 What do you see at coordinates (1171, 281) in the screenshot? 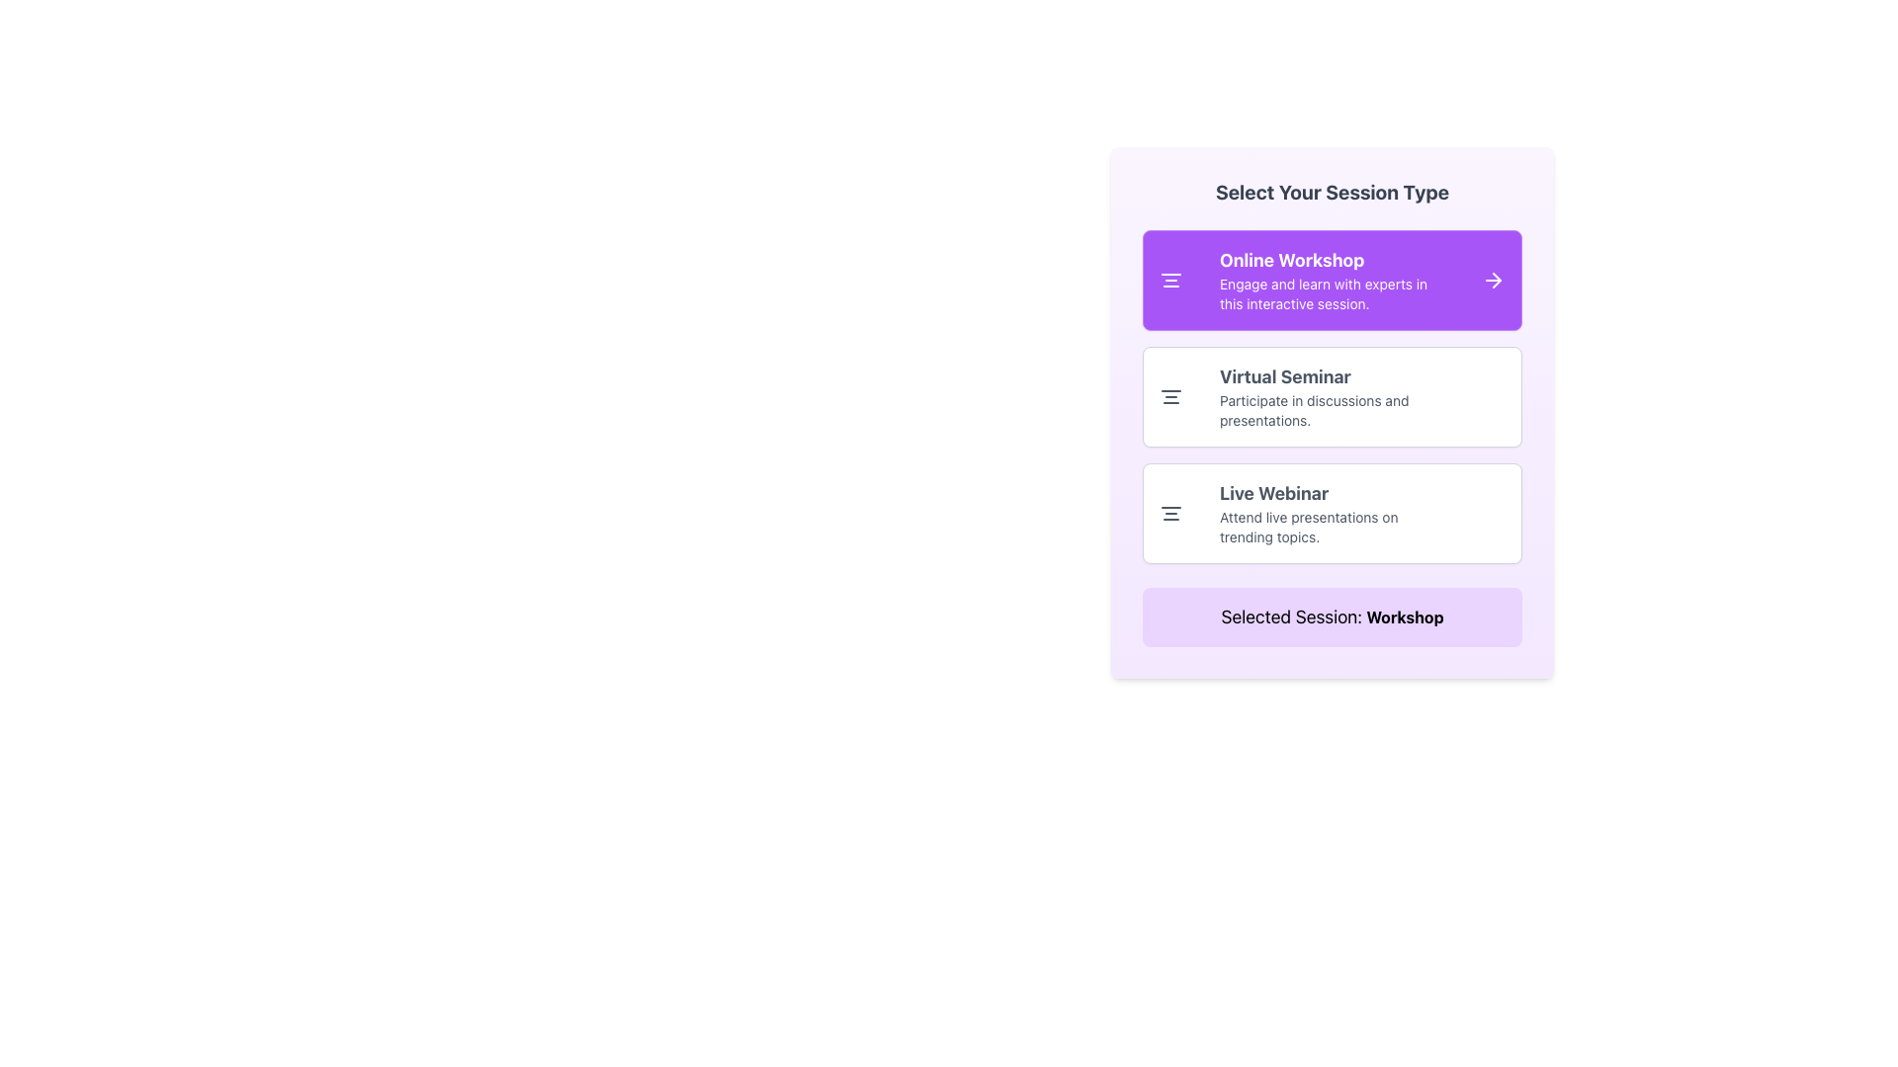
I see `the SVG icon consisting of three horizontal lines, located` at bounding box center [1171, 281].